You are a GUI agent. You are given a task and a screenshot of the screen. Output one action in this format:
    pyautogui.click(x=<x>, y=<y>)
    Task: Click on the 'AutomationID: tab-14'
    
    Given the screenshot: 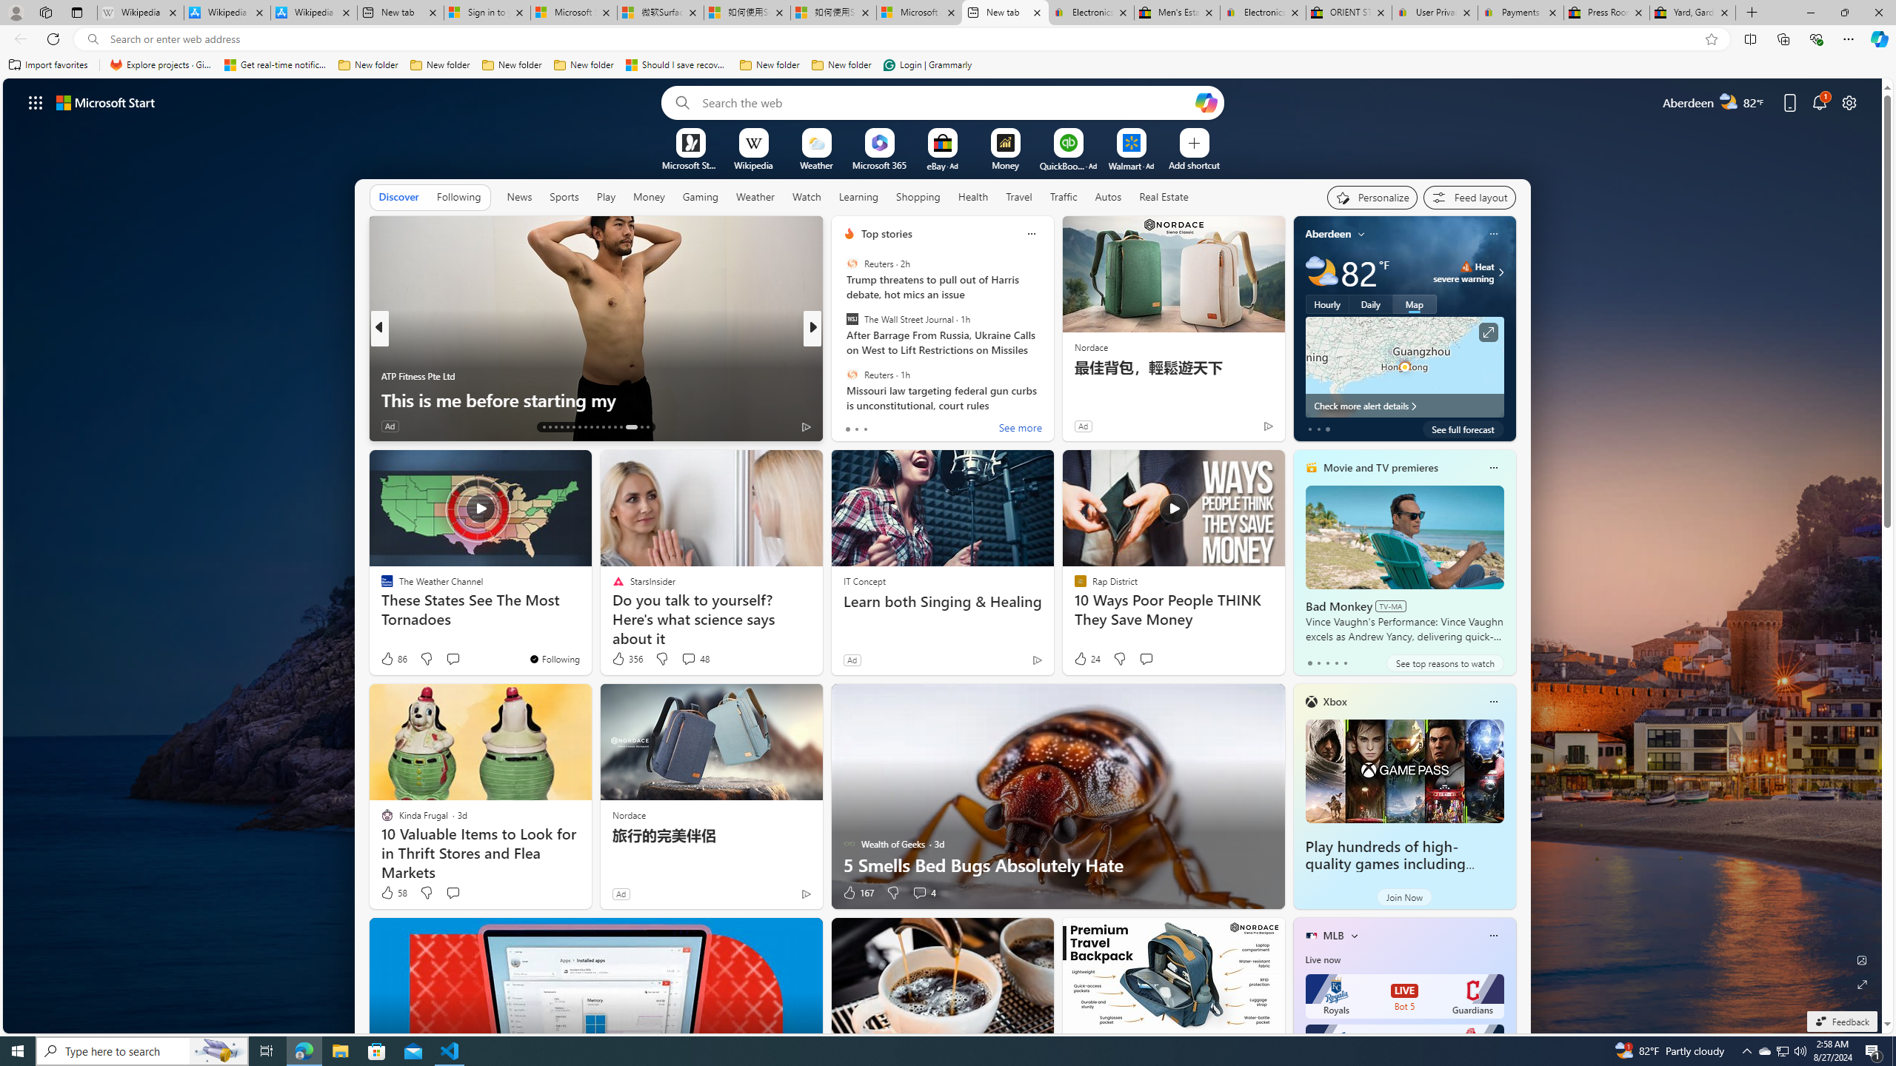 What is the action you would take?
    pyautogui.click(x=549, y=427)
    